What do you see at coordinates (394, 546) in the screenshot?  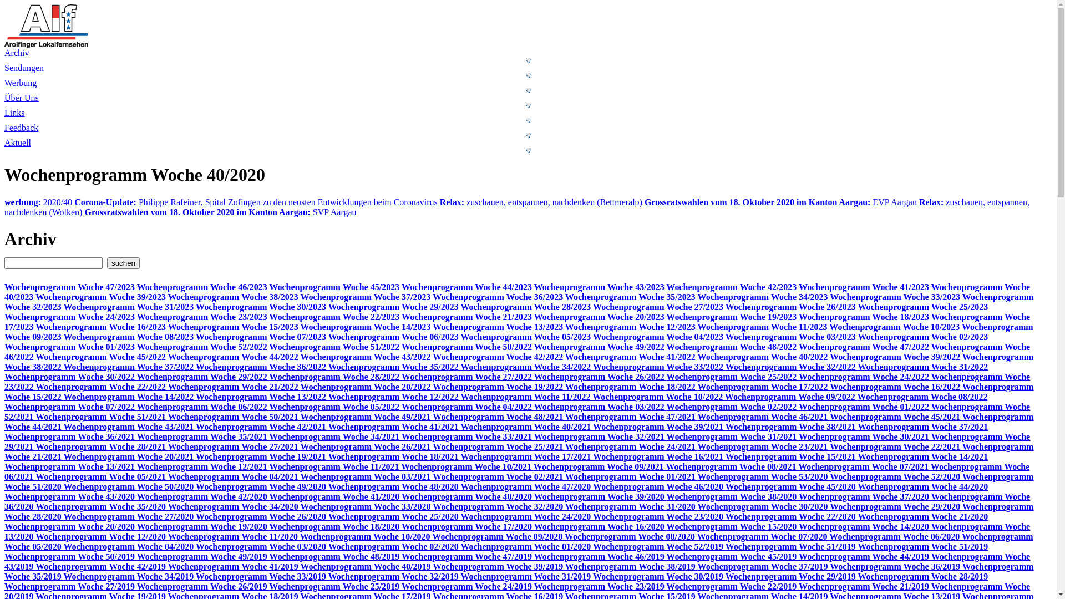 I see `'Wochenprogramm Woche 02/2020'` at bounding box center [394, 546].